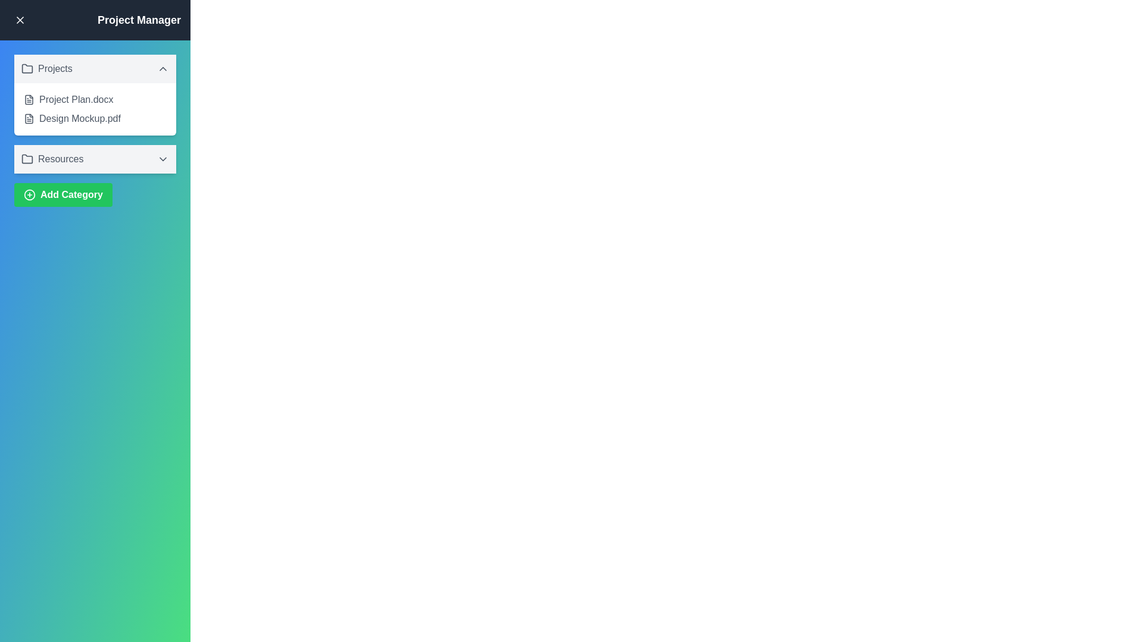 This screenshot has height=642, width=1143. Describe the element at coordinates (52, 158) in the screenshot. I see `the 'Resources' category label` at that location.